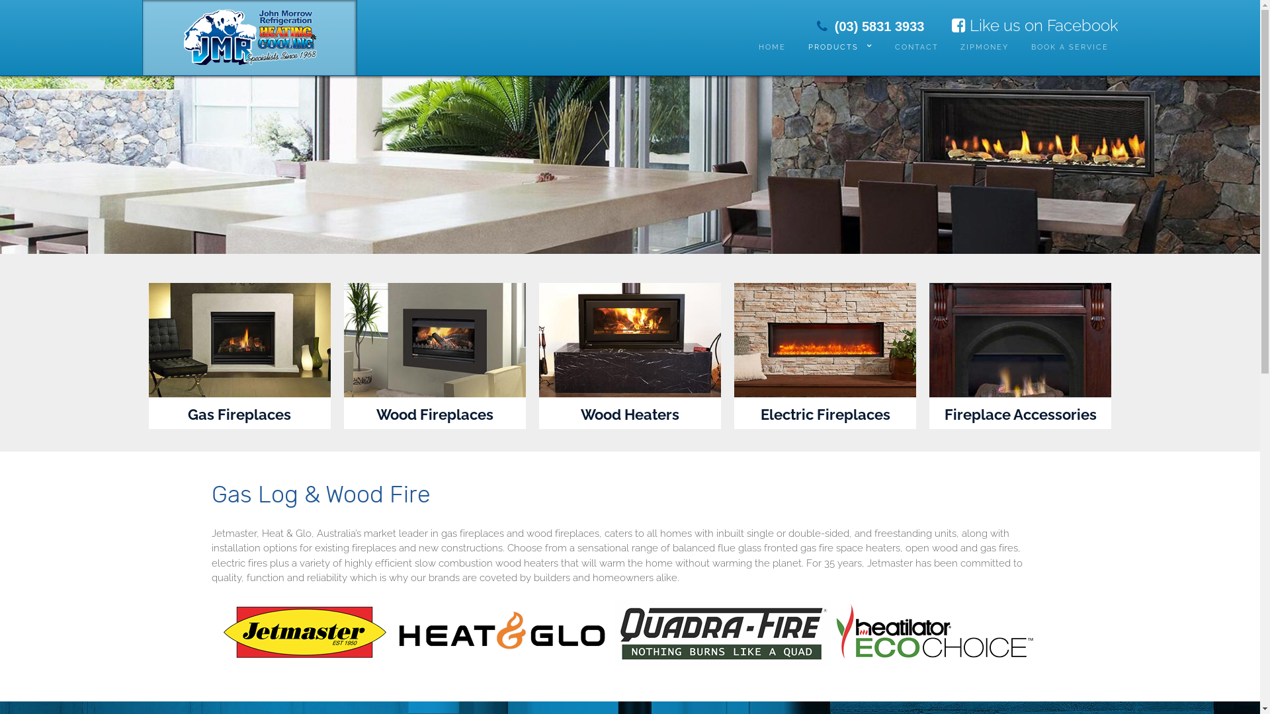  Describe the element at coordinates (1070, 46) in the screenshot. I see `'BOOK A SERVICE'` at that location.